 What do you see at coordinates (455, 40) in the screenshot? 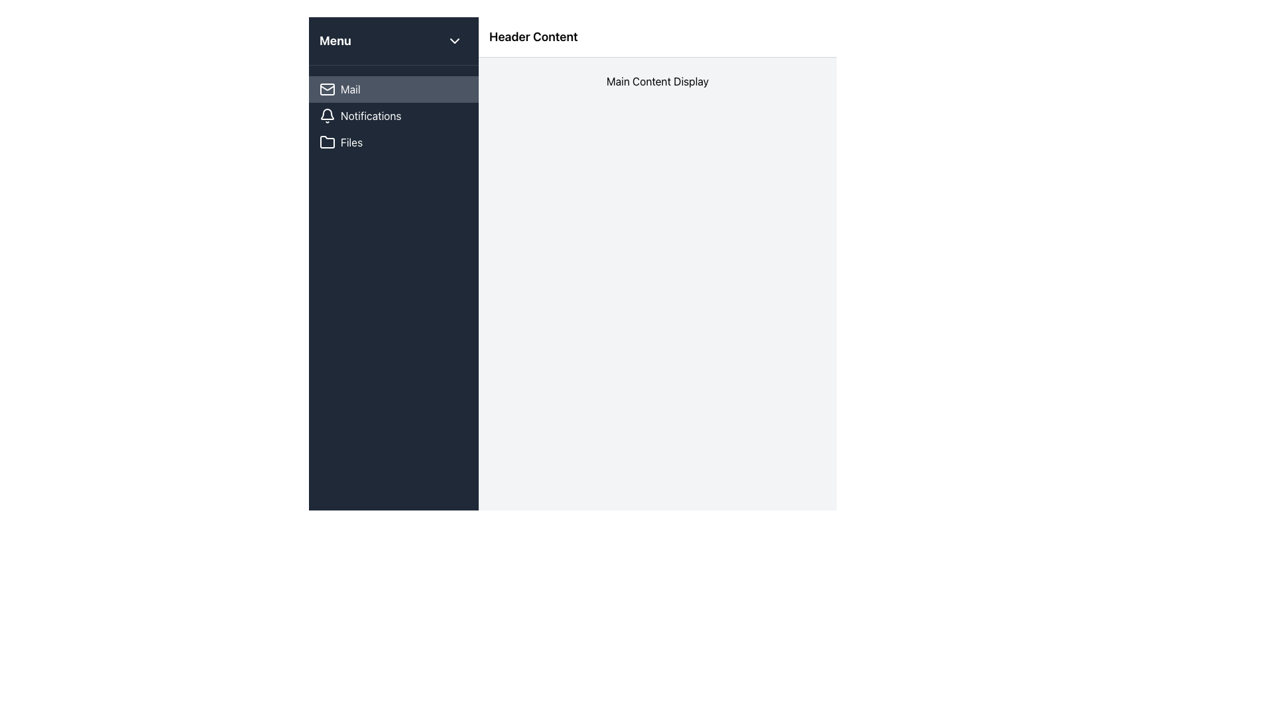
I see `the downward-facing chevron icon located at the top-right corner of the menu header adjacent to the text 'Menu'` at bounding box center [455, 40].